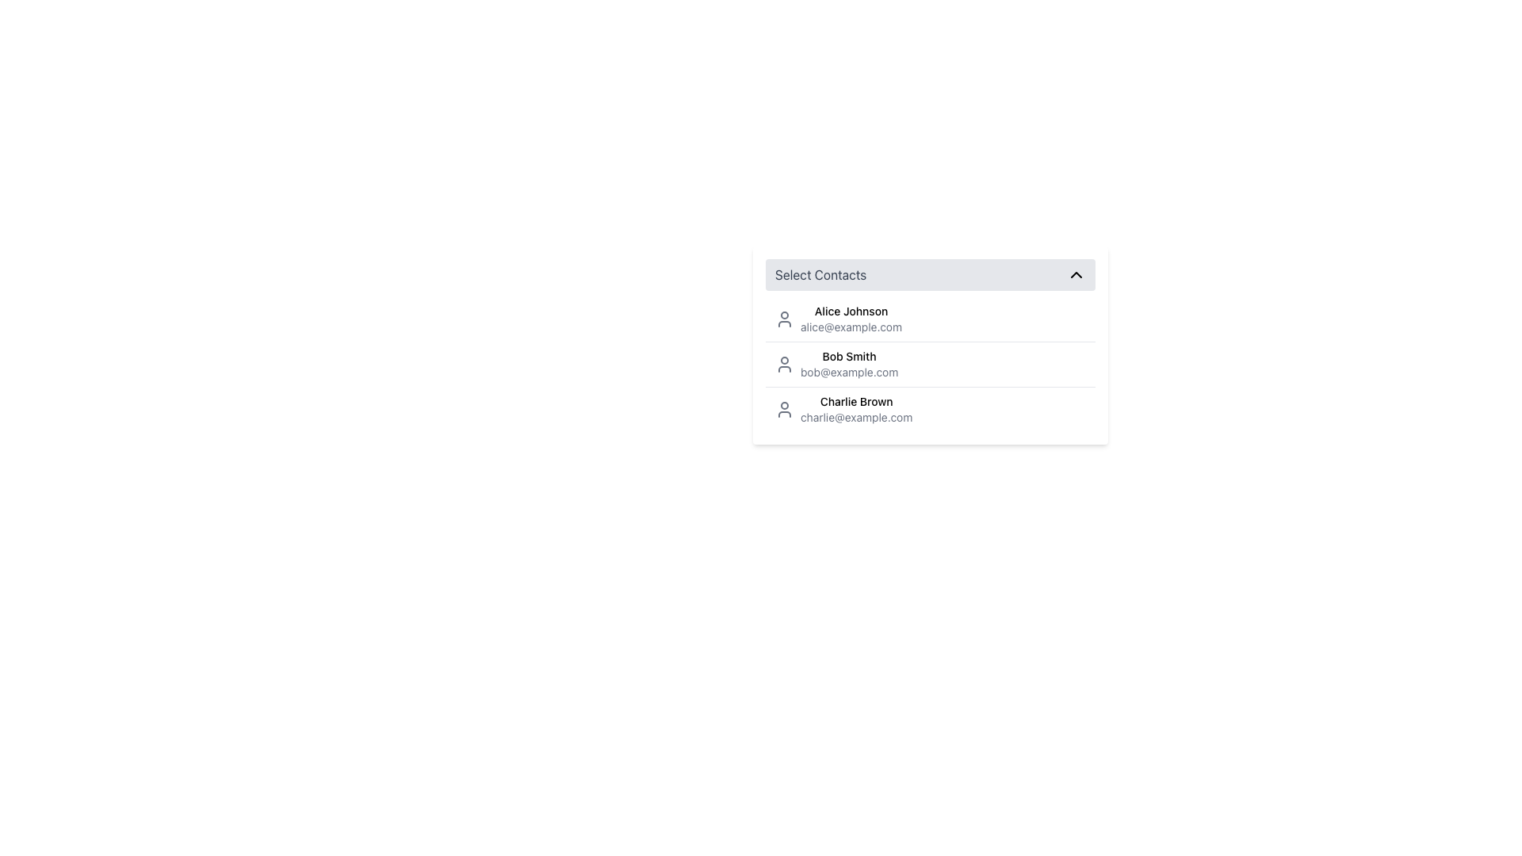  I want to click on the second contact list item displaying 'Bob Smith' and 'bob@example.com', so click(931, 364).